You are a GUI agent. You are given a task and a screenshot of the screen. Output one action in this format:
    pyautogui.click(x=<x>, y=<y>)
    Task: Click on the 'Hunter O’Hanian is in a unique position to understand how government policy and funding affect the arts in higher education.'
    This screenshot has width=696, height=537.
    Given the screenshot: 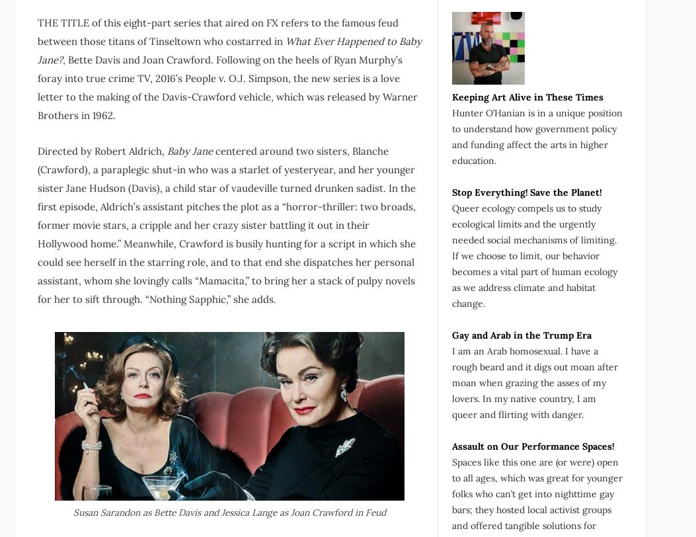 What is the action you would take?
    pyautogui.click(x=451, y=136)
    